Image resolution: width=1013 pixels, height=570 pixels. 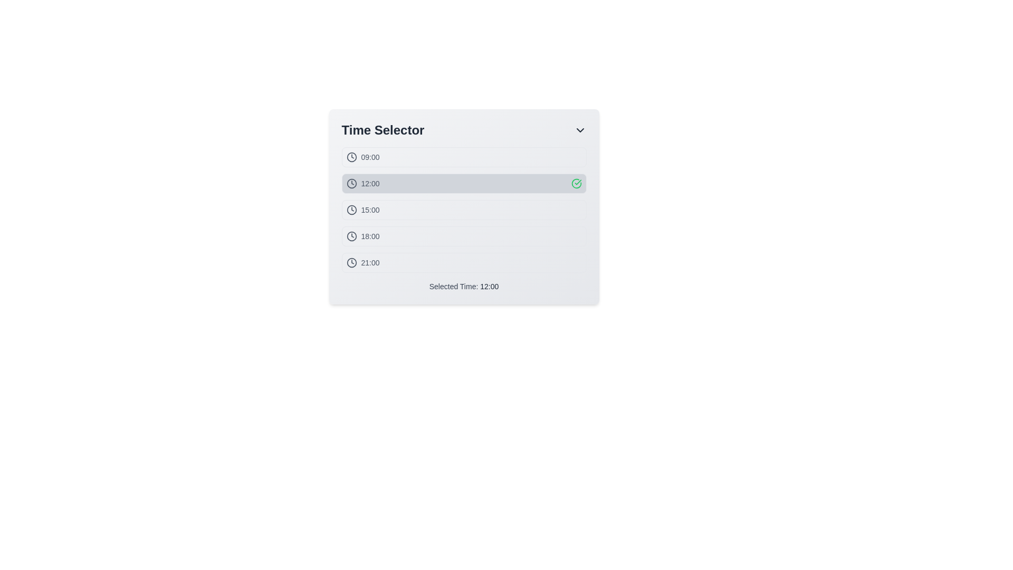 I want to click on the static text display showing 'Selected Time: 12:00' at the bottom of the time selection interface, so click(x=464, y=287).